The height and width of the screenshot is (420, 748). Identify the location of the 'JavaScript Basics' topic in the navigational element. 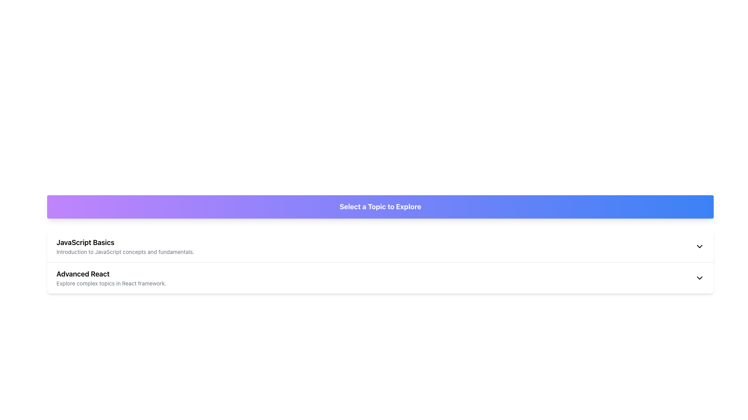
(125, 246).